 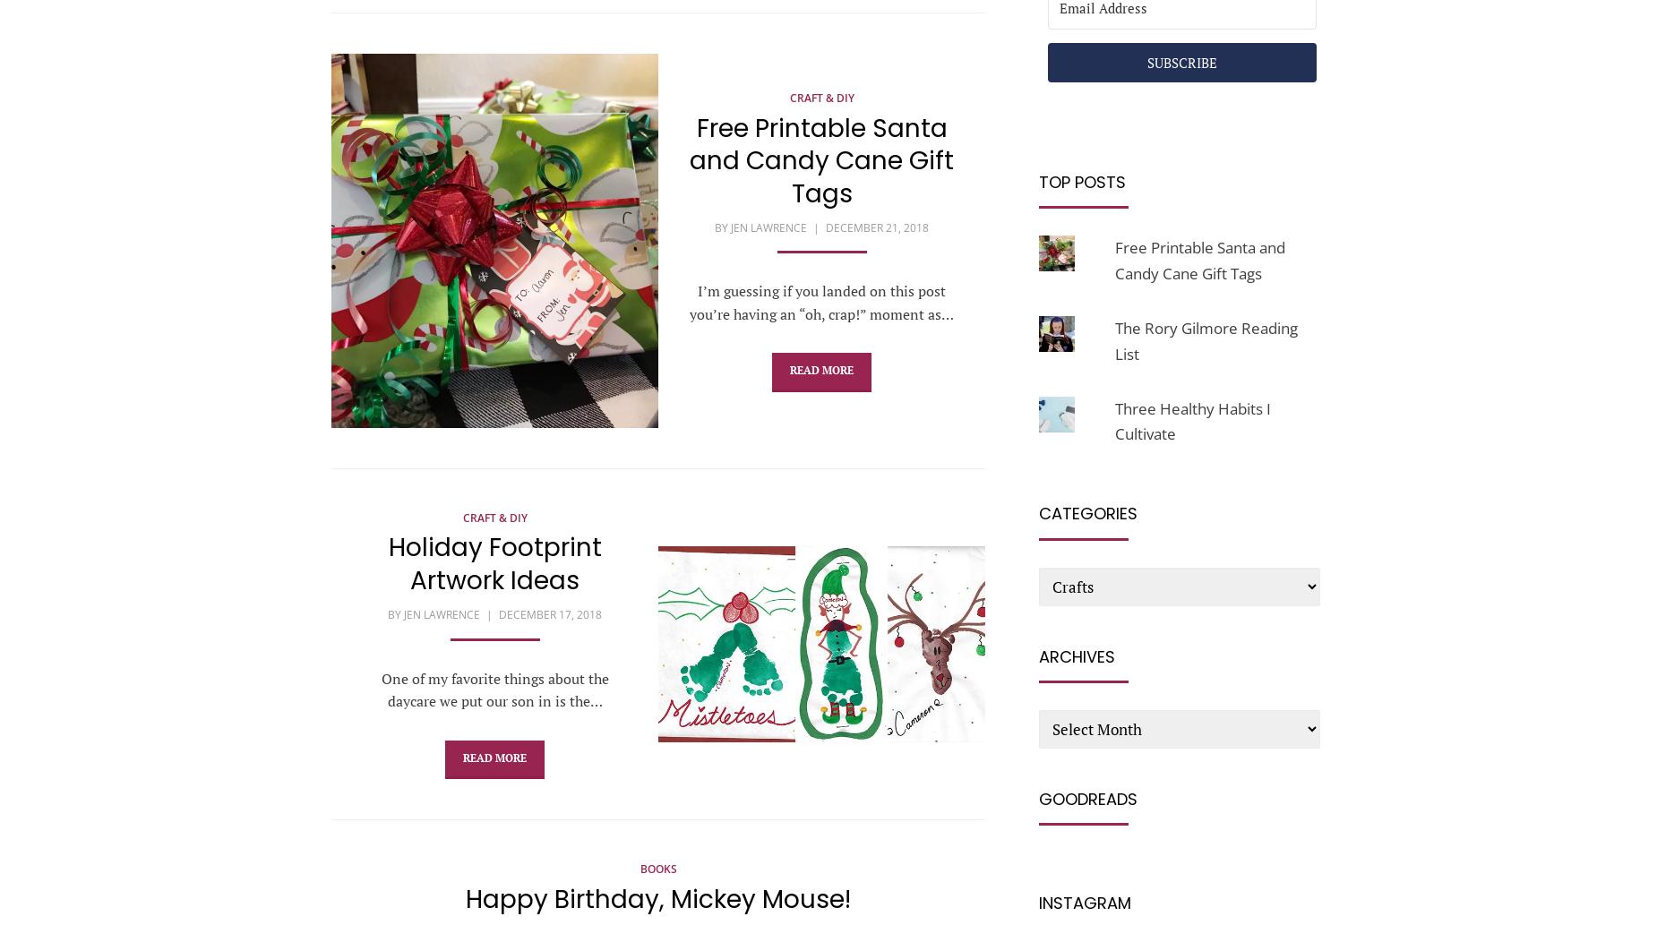 I want to click on 'Archives', so click(x=1037, y=655).